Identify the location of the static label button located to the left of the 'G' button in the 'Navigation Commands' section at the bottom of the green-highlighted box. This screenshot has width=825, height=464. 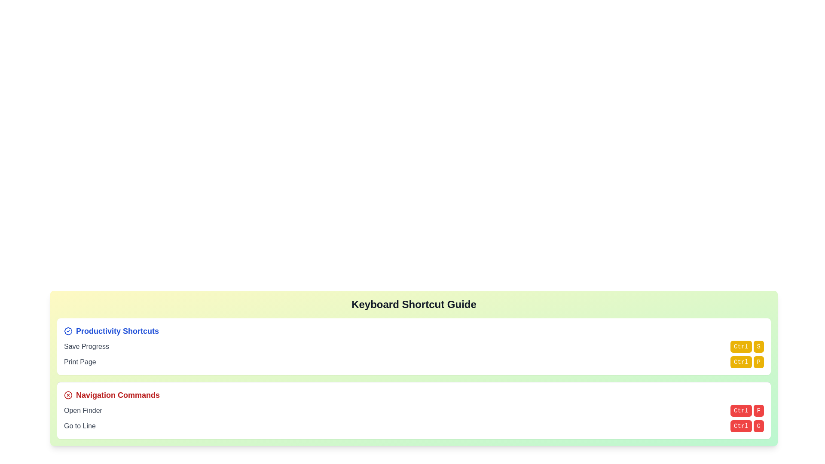
(740, 426).